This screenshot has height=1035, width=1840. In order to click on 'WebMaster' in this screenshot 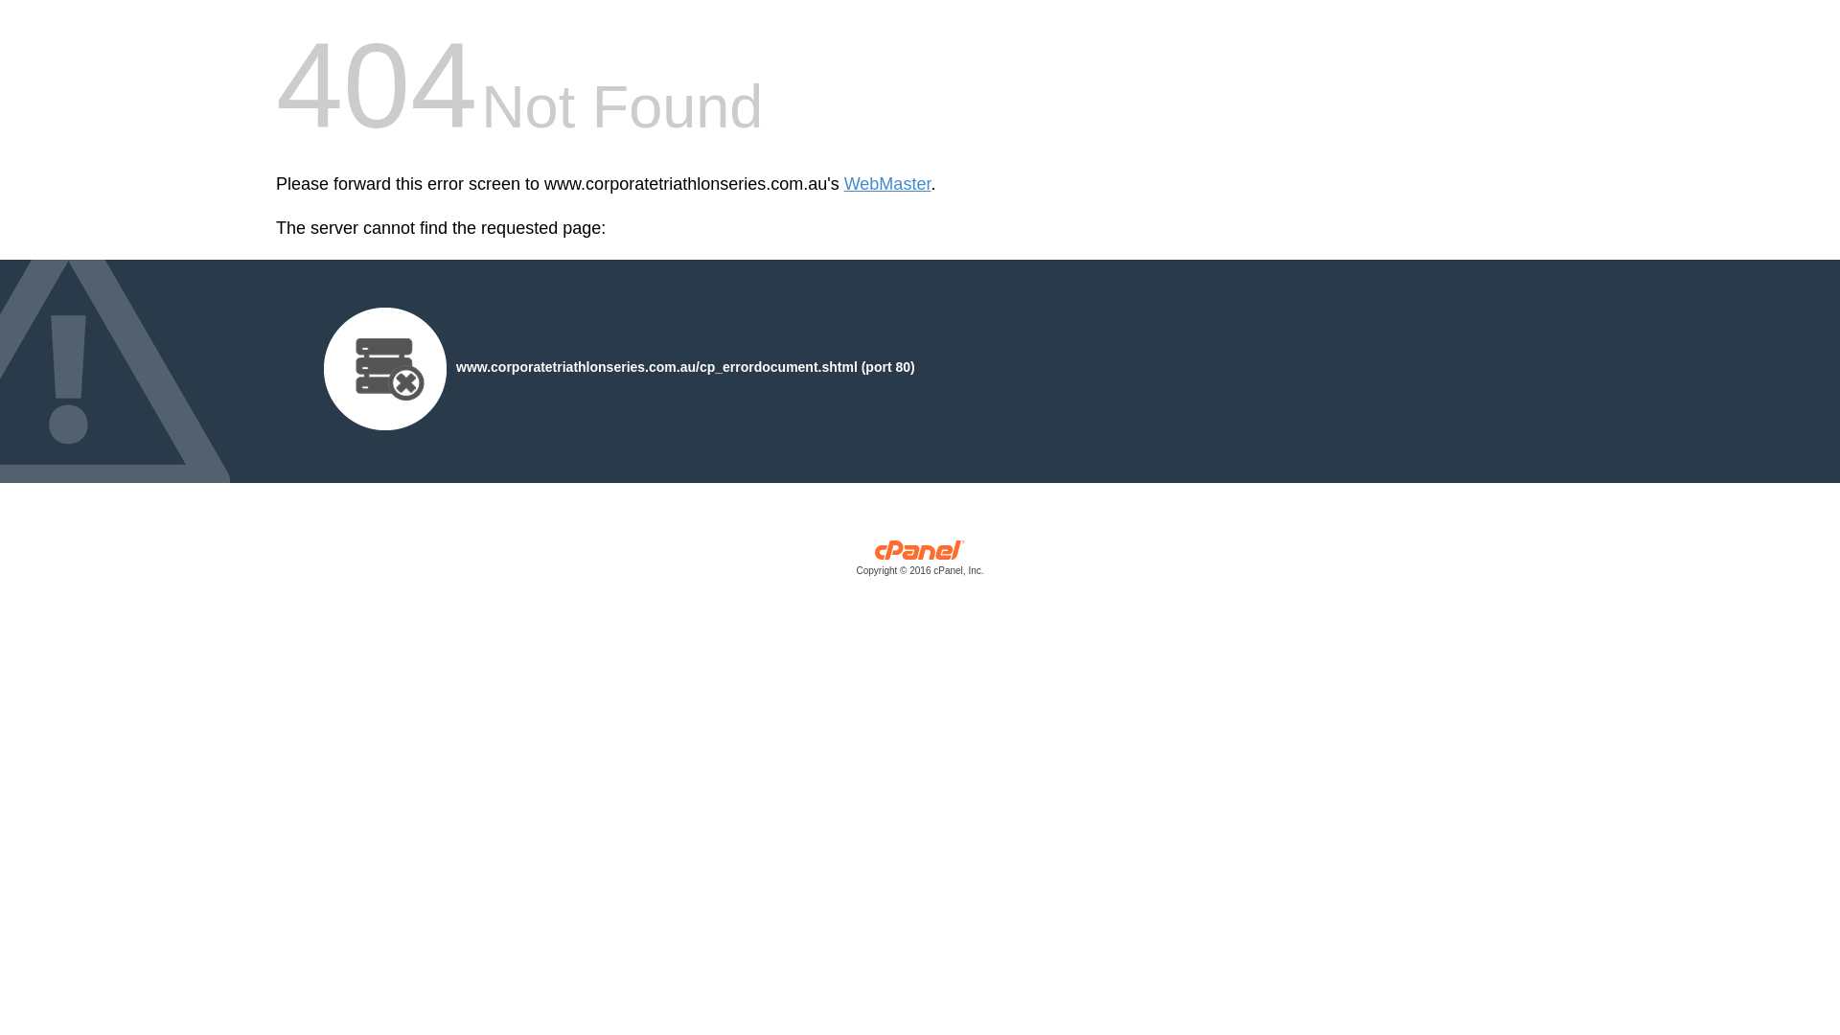, I will do `click(886, 184)`.